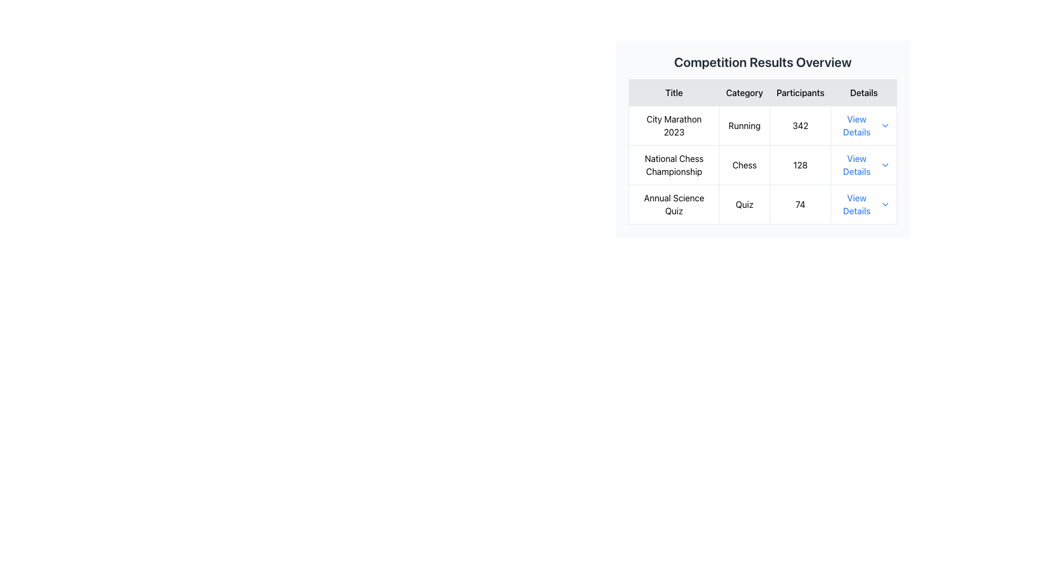 The width and height of the screenshot is (1037, 583). Describe the element at coordinates (863, 204) in the screenshot. I see `the 'View Details' button with a blue label and a downwards-pointing chevron icon located in the 'Details' column of the 'Annual Science Quiz' row` at that location.